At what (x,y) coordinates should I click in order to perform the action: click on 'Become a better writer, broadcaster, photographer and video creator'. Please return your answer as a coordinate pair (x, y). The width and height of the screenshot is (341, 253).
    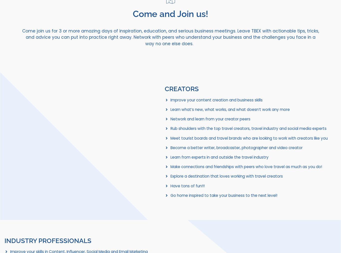
    Looking at the image, I should click on (236, 147).